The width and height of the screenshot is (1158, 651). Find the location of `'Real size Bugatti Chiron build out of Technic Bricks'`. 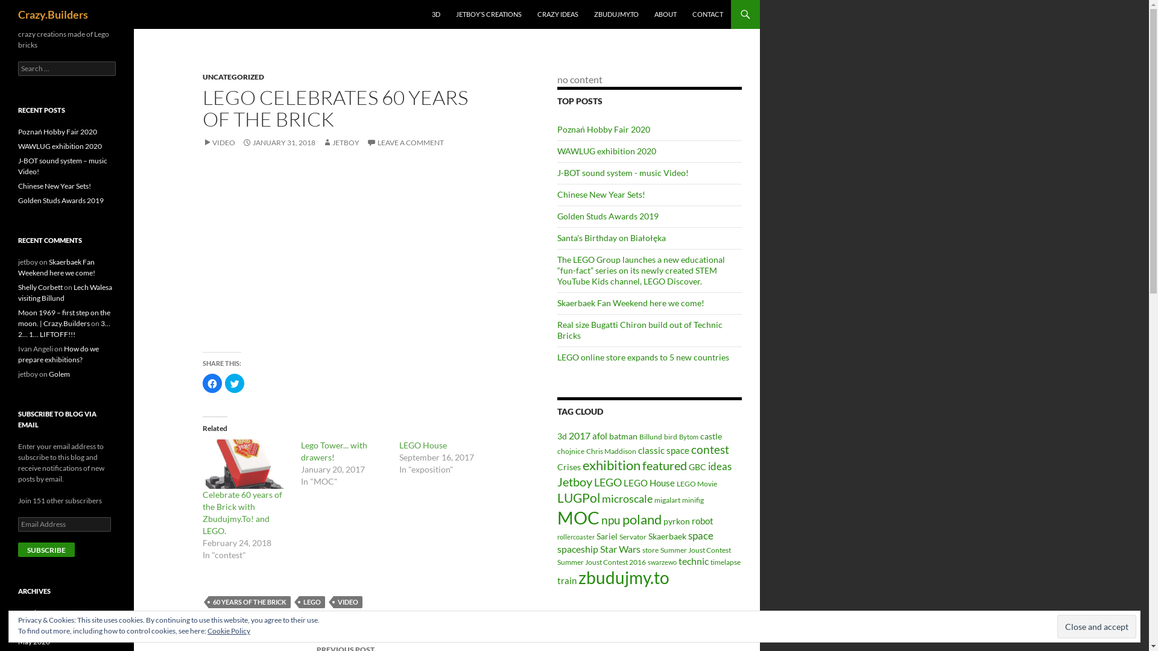

'Real size Bugatti Chiron build out of Technic Bricks' is located at coordinates (639, 330).